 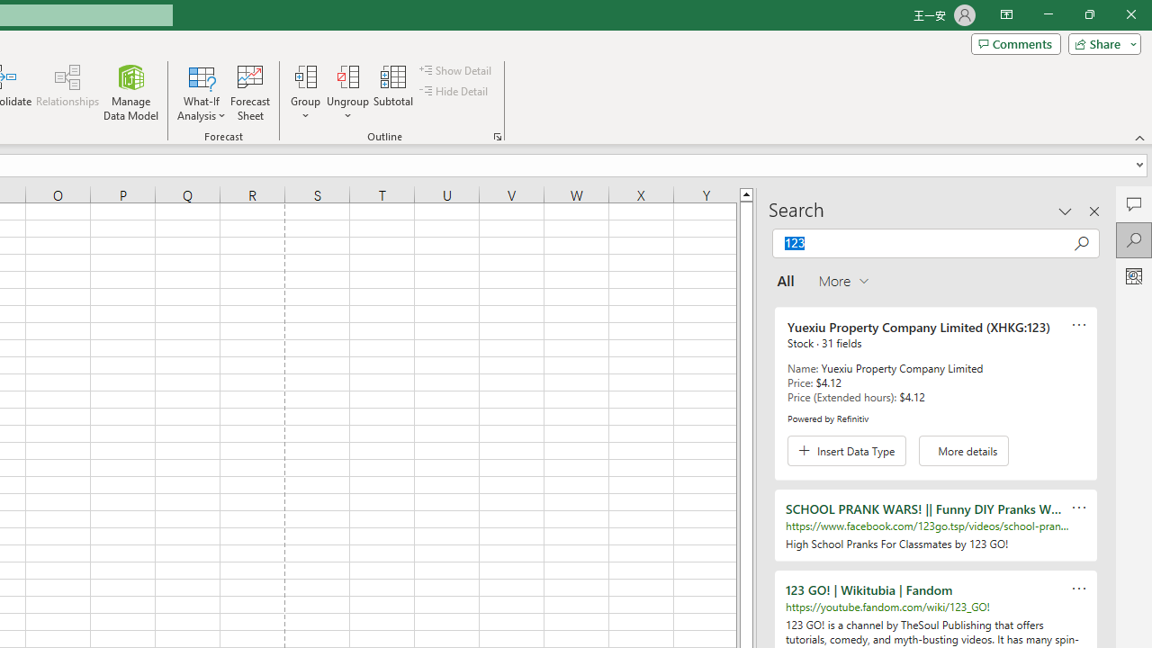 I want to click on 'Hide Detail', so click(x=454, y=91).